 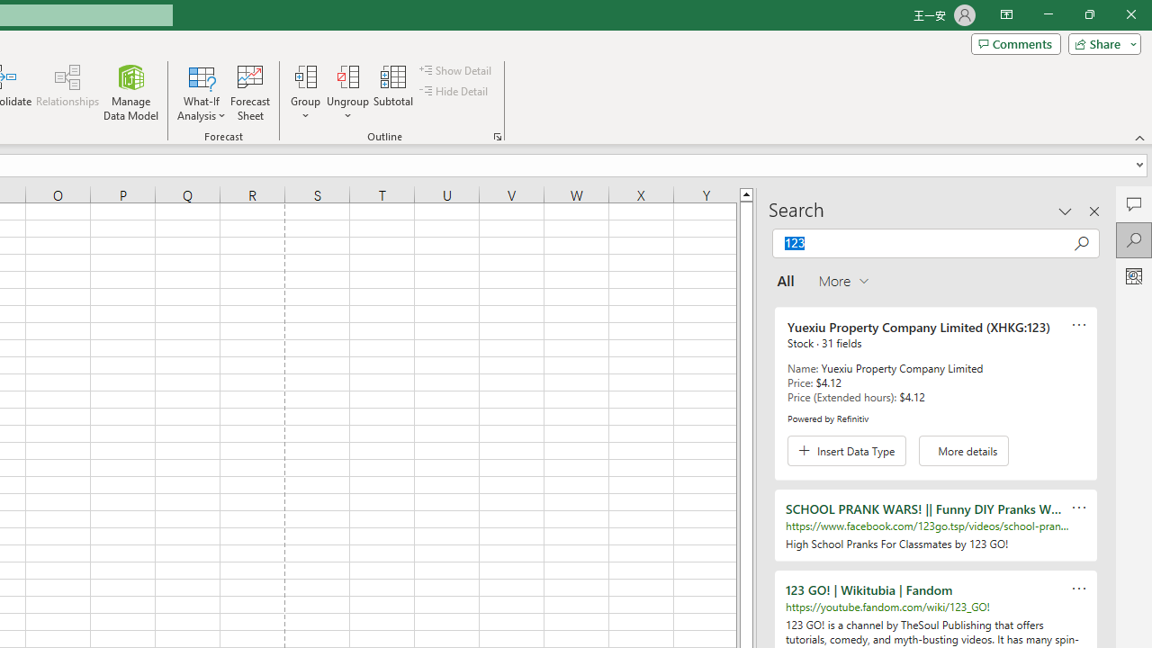 I want to click on 'Hide Detail', so click(x=454, y=91).